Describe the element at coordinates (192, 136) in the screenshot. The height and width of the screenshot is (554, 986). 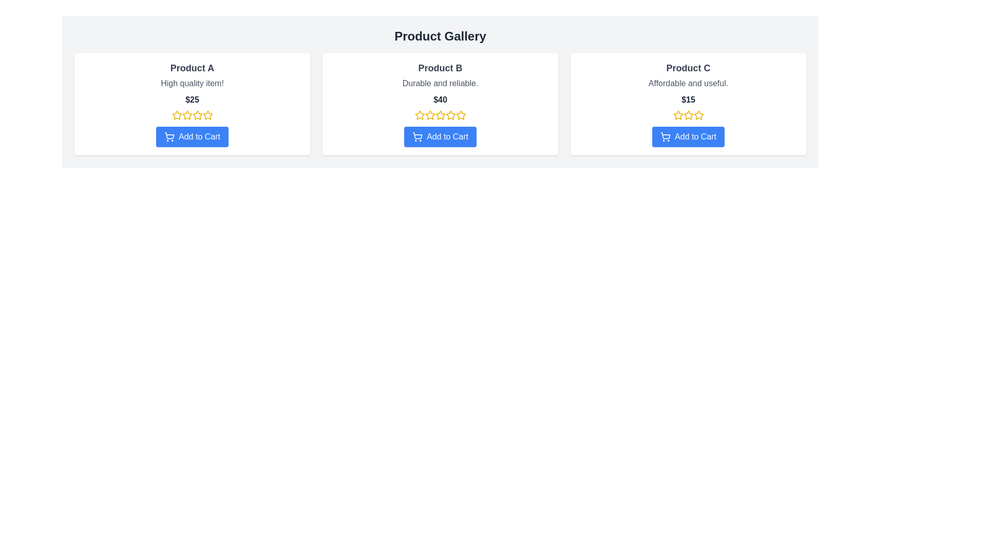
I see `the blue 'Add to Cart' button with white text, which is located at the bottom of the product card, beneath the star rating section` at that location.